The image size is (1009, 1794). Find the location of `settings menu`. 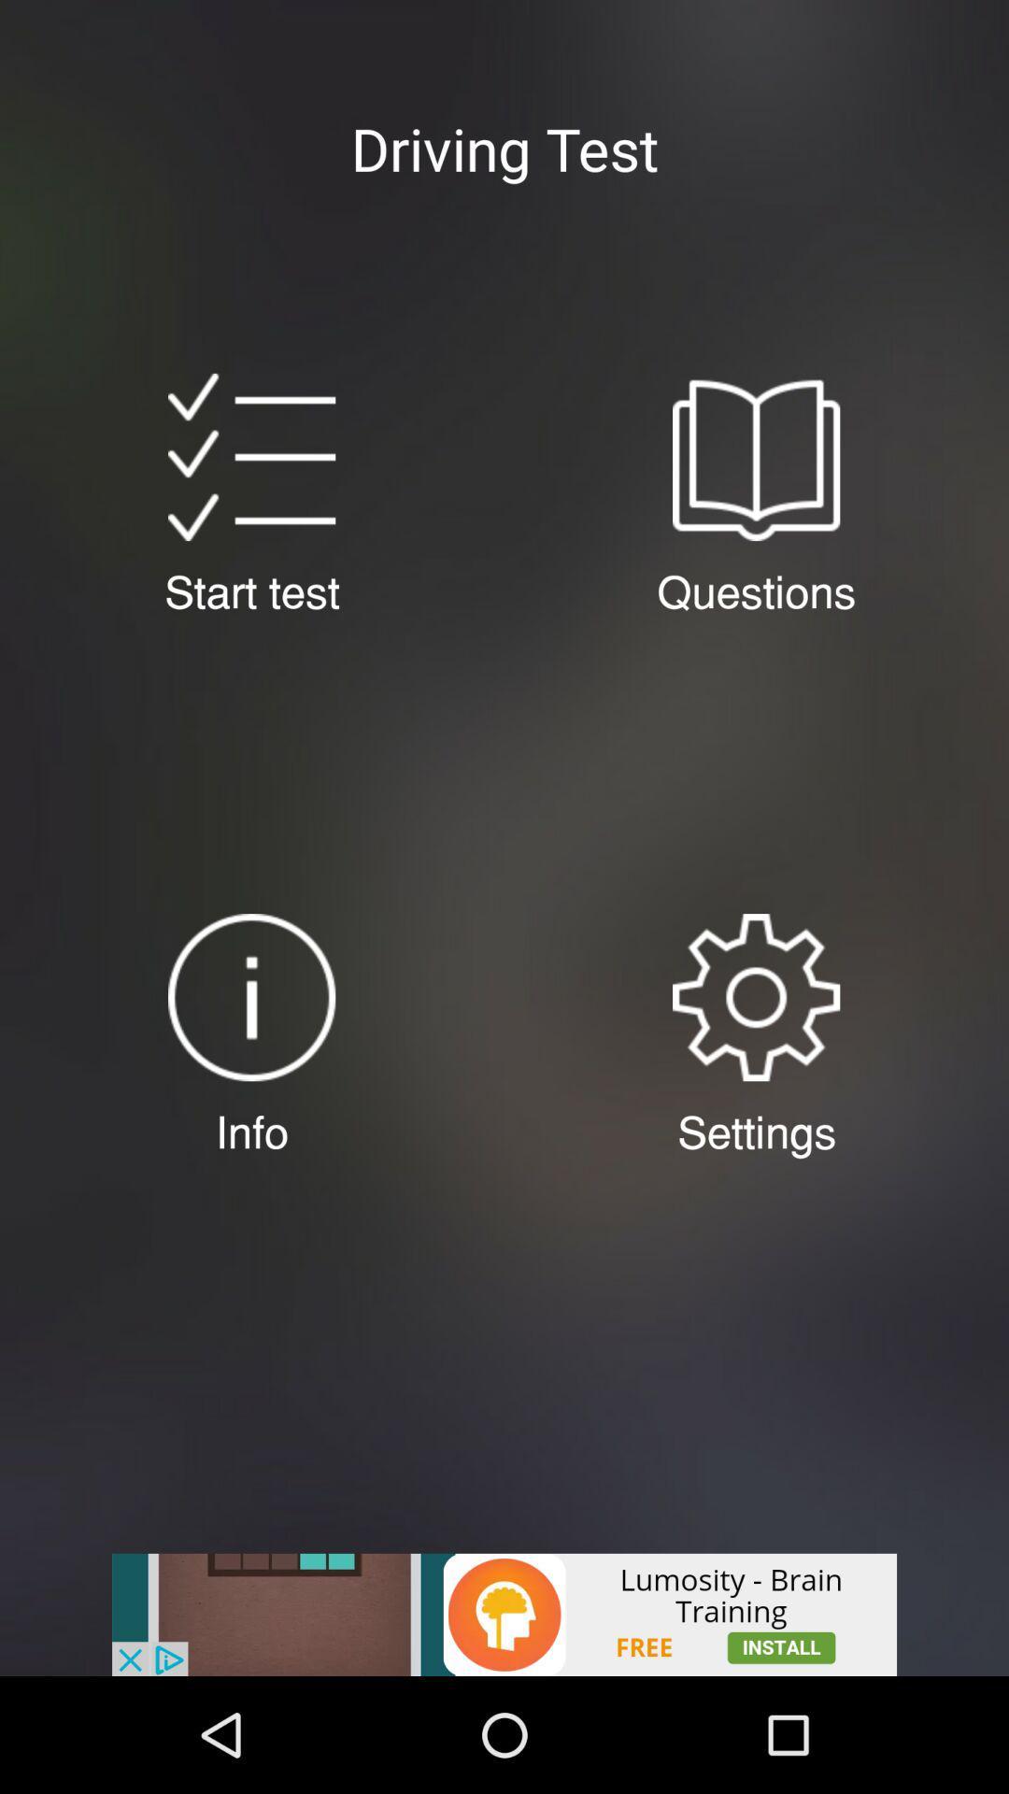

settings menu is located at coordinates (755, 996).